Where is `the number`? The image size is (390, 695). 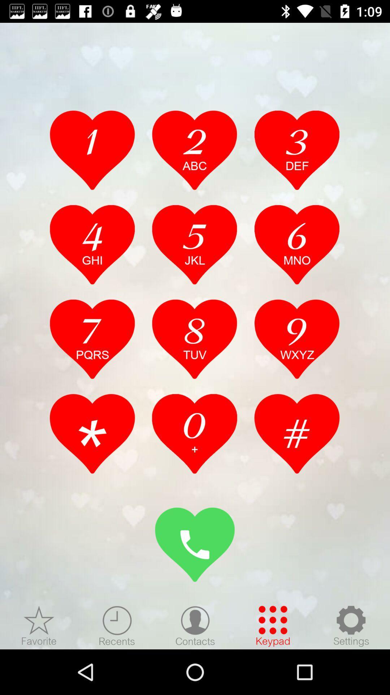
the number is located at coordinates (194, 149).